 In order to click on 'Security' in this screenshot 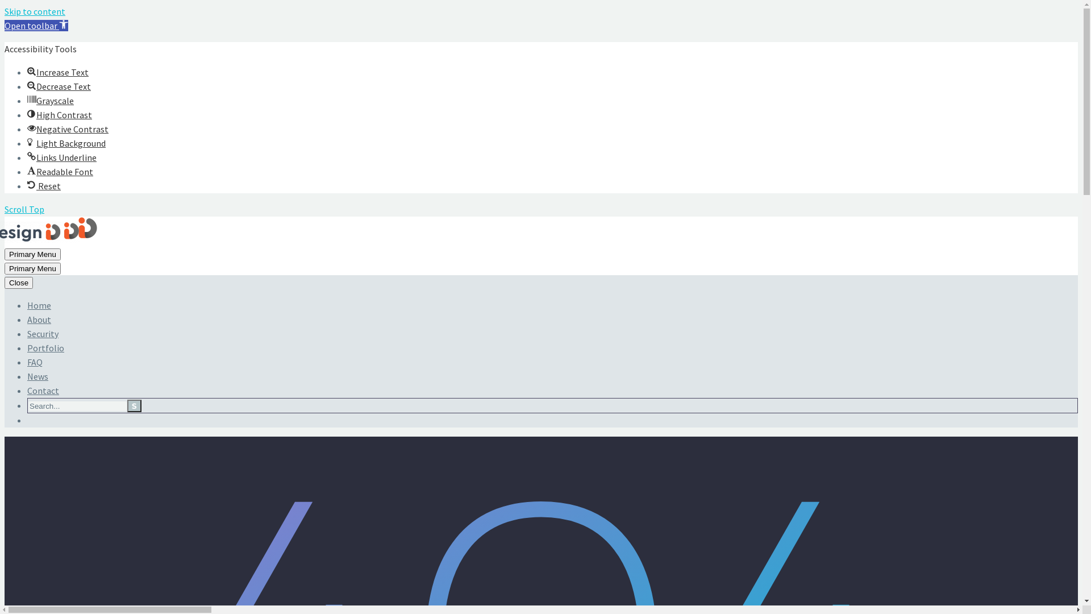, I will do `click(27, 333)`.